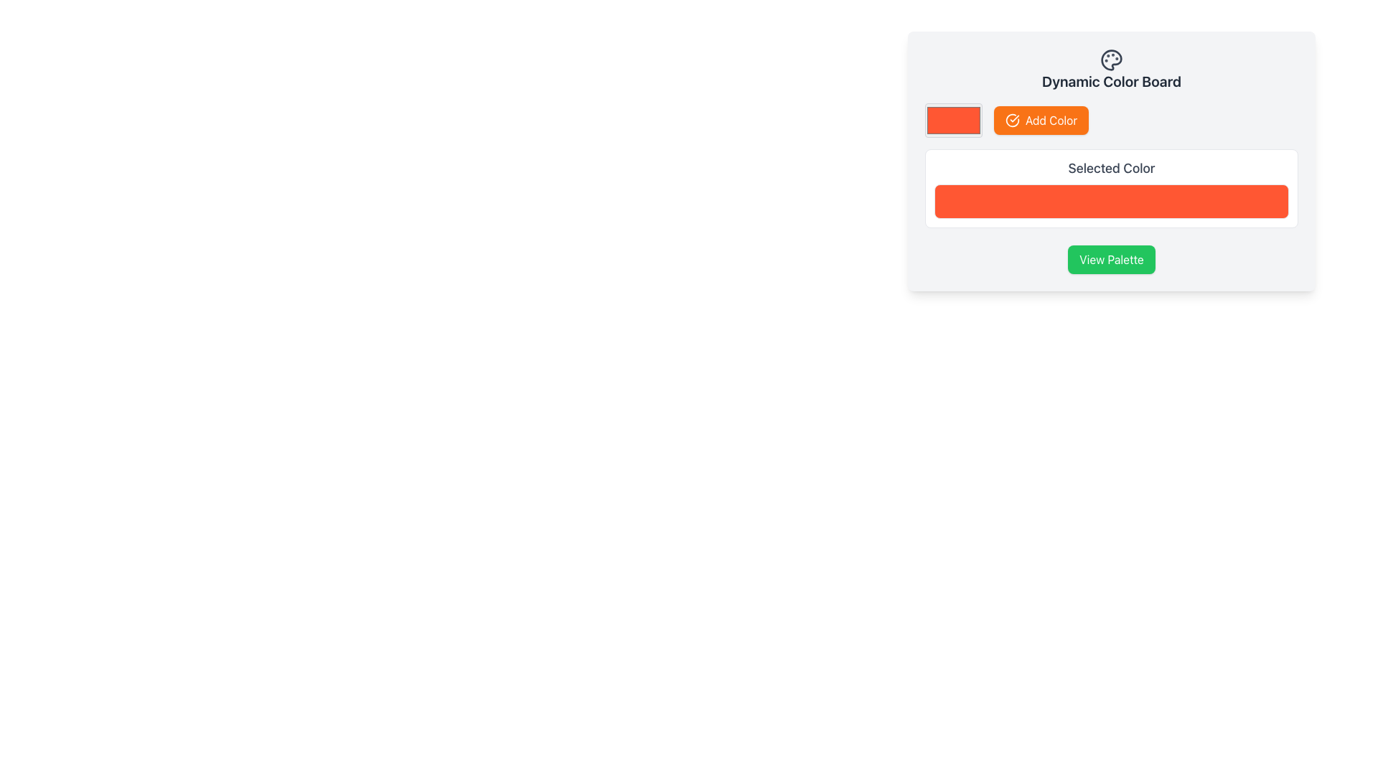 This screenshot has width=1378, height=775. What do you see at coordinates (1111, 260) in the screenshot?
I see `the 'View Palette' button, which has a green background, white text, and is located at the bottom of the 'Dynamic Color Board' section` at bounding box center [1111, 260].